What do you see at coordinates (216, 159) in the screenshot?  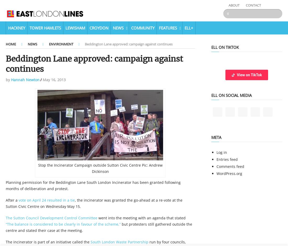 I see `'Entries feed'` at bounding box center [216, 159].